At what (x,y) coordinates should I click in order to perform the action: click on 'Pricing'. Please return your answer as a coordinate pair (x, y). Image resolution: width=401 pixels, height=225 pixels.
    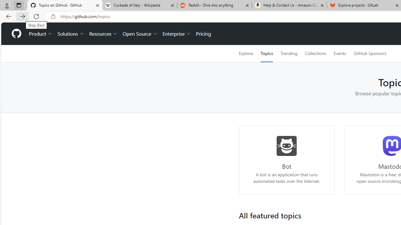
    Looking at the image, I should click on (203, 34).